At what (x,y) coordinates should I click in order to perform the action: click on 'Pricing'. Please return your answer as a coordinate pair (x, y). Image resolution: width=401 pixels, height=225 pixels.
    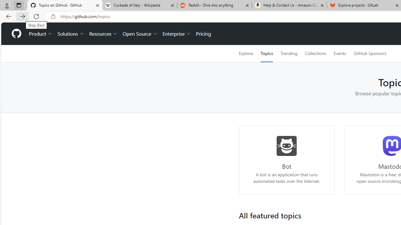
    Looking at the image, I should click on (203, 34).